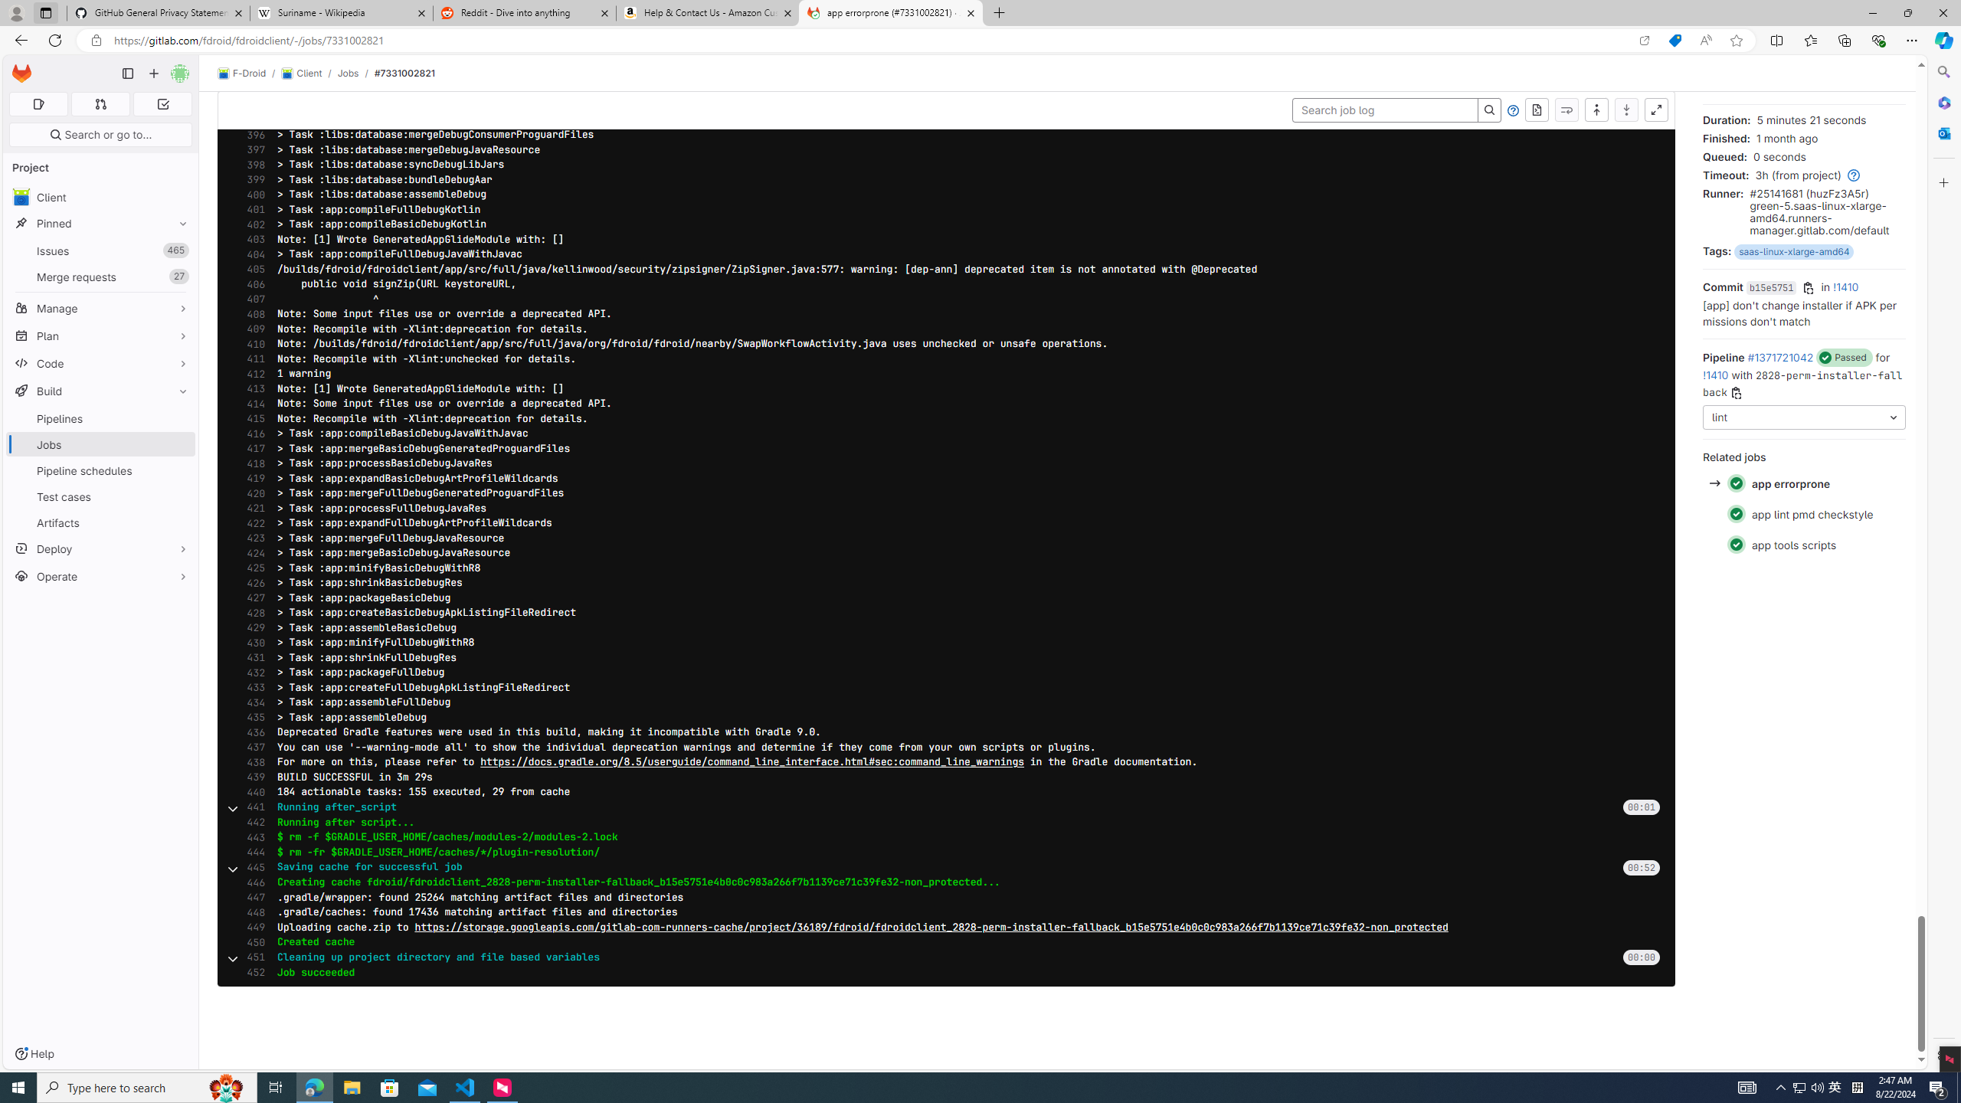 The height and width of the screenshot is (1103, 1961). Describe the element at coordinates (178, 496) in the screenshot. I see `'Pin Test cases'` at that location.